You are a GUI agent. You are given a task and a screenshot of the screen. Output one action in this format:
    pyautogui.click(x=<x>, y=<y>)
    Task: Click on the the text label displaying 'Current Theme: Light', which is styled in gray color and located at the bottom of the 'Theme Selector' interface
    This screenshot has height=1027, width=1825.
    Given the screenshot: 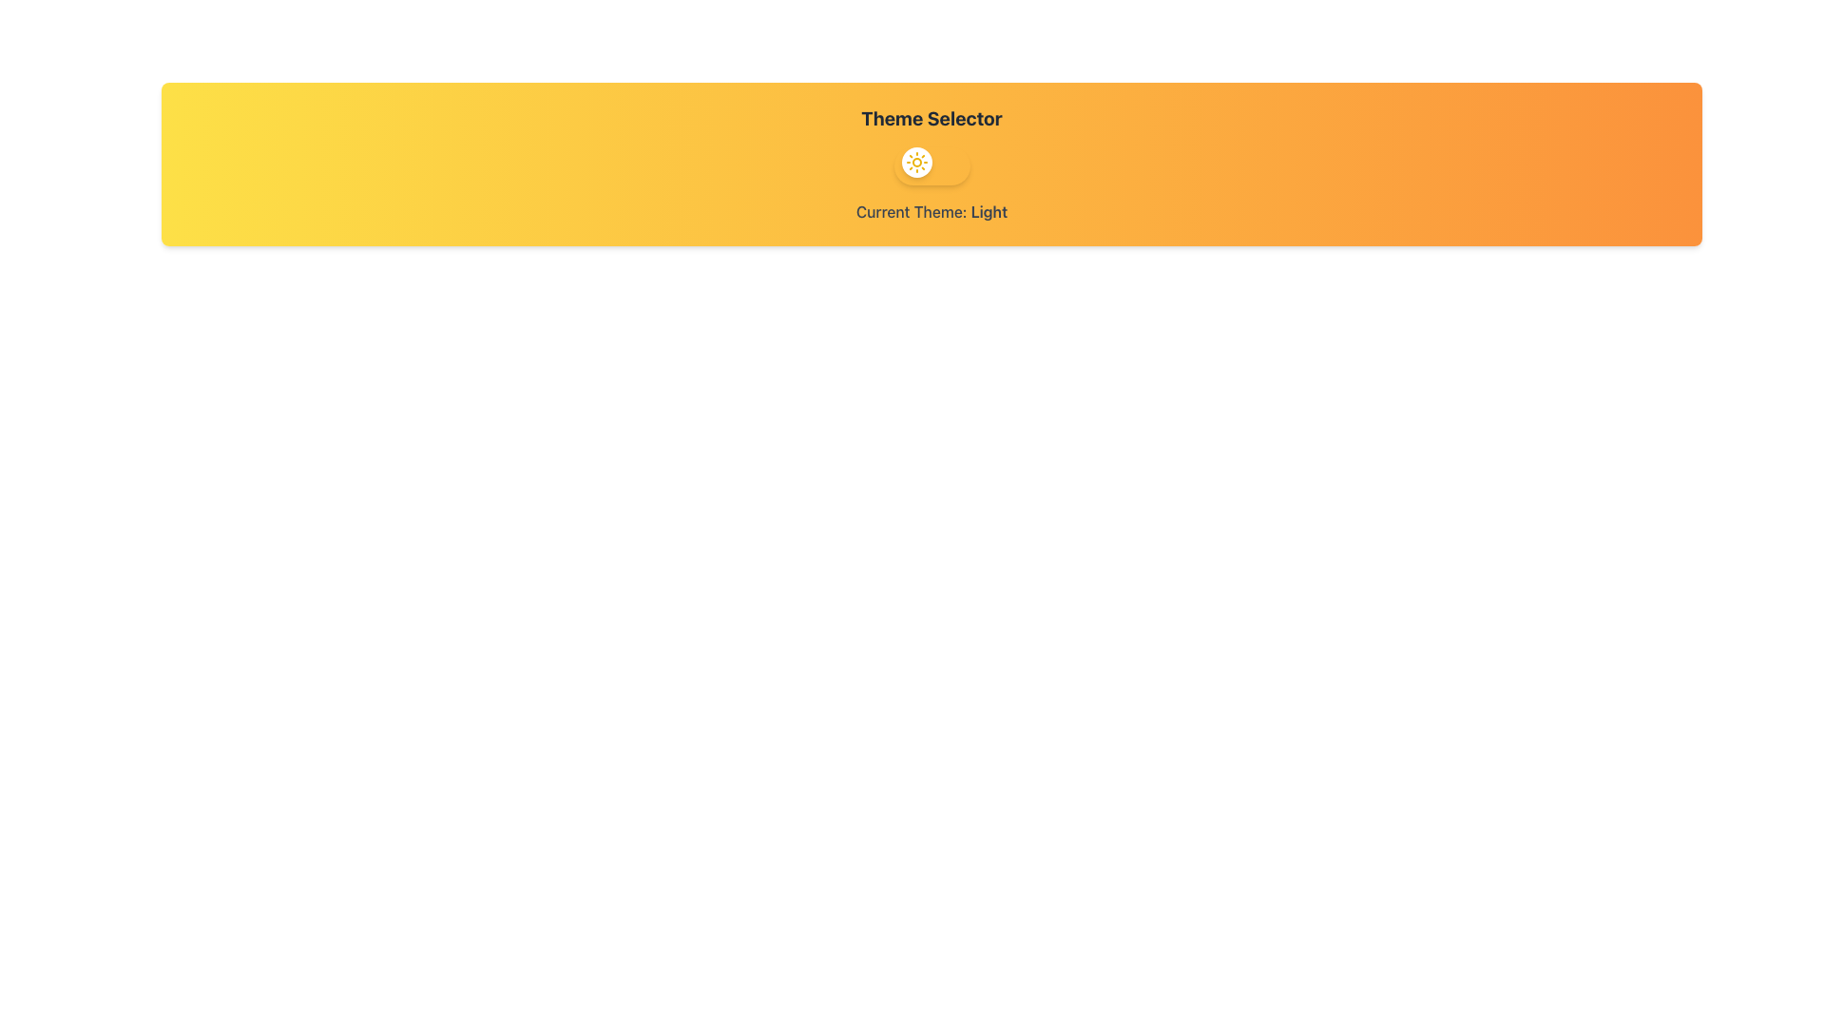 What is the action you would take?
    pyautogui.click(x=932, y=212)
    